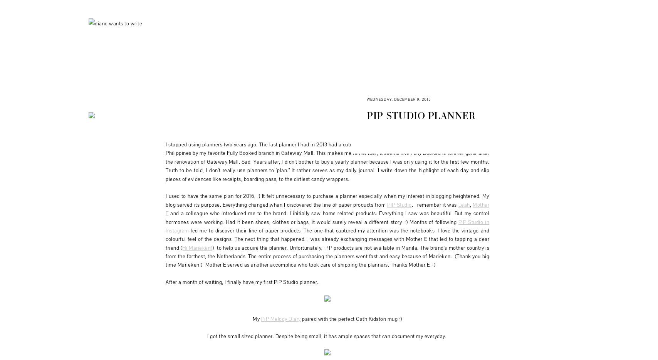  Describe the element at coordinates (399, 99) in the screenshot. I see `'Wednesday, December 9, 2015'` at that location.